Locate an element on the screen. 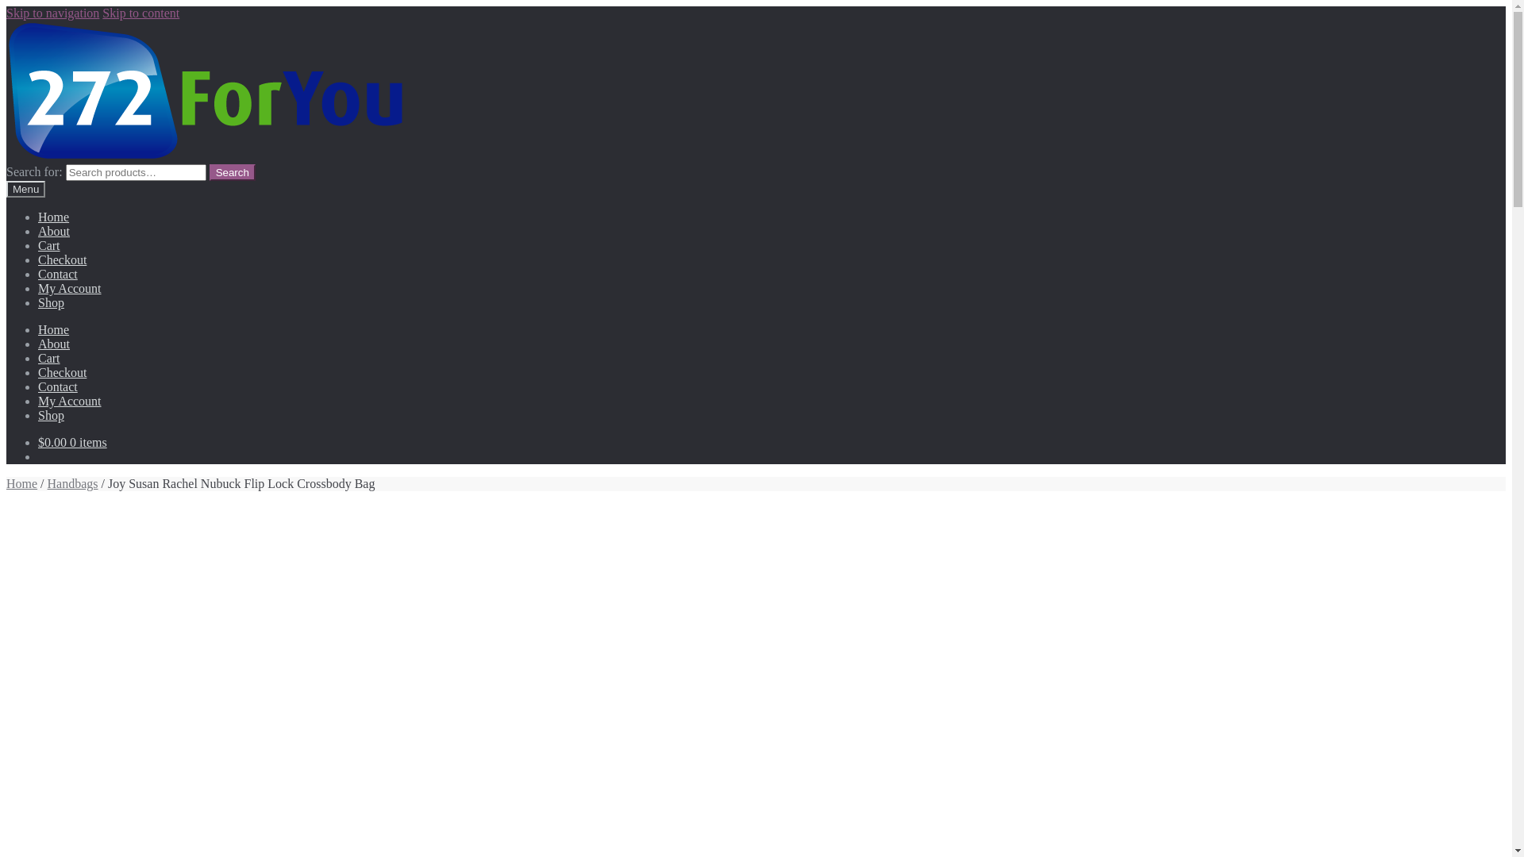 The width and height of the screenshot is (1524, 857). 'My Account' is located at coordinates (38, 288).